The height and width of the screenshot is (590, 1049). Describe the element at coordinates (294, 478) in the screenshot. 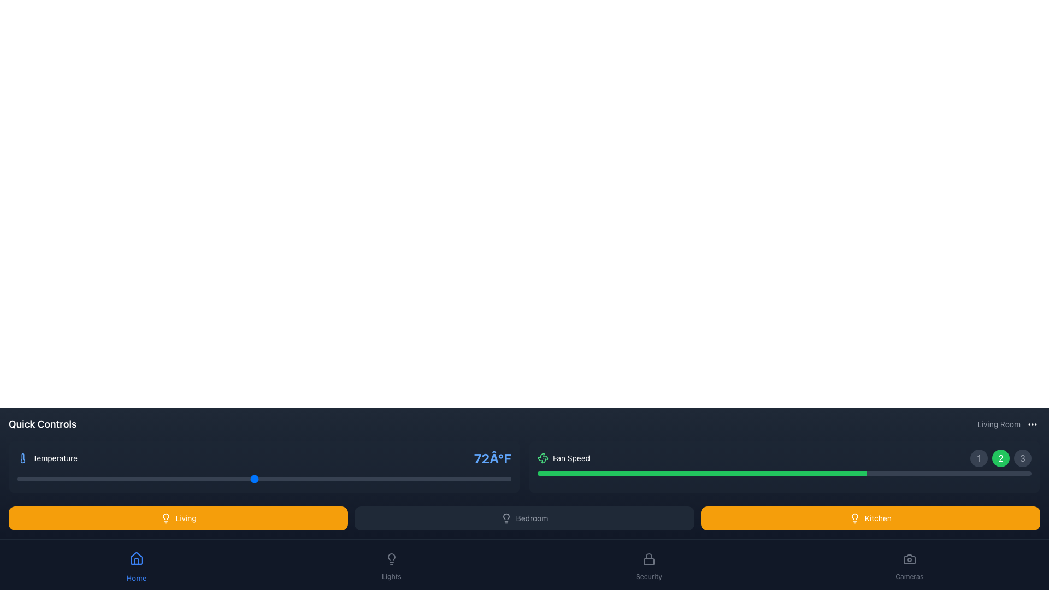

I see `the temperature` at that location.